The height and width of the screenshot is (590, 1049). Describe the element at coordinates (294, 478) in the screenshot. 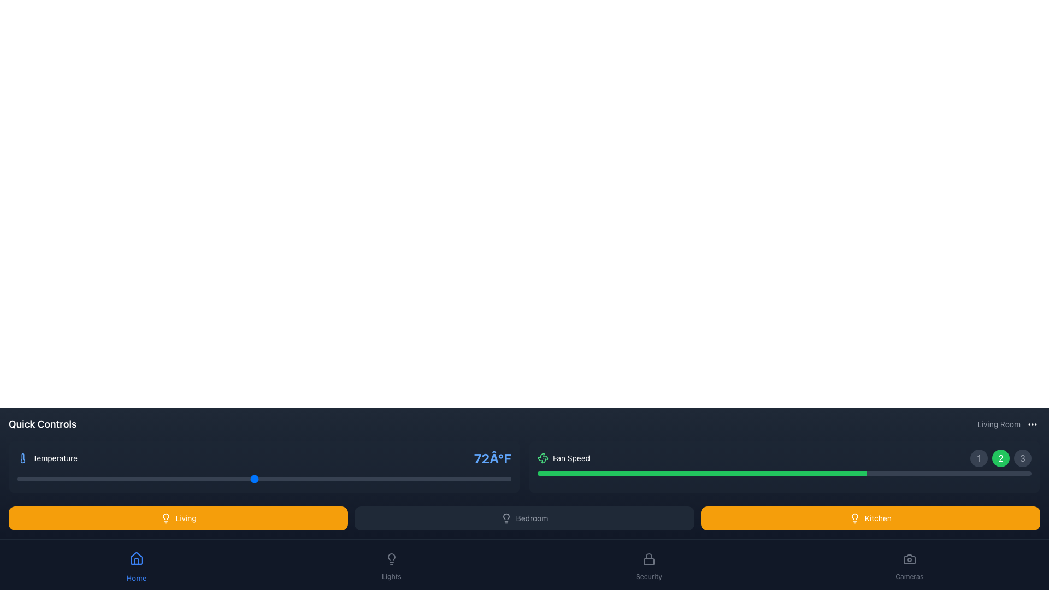

I see `the temperature` at that location.